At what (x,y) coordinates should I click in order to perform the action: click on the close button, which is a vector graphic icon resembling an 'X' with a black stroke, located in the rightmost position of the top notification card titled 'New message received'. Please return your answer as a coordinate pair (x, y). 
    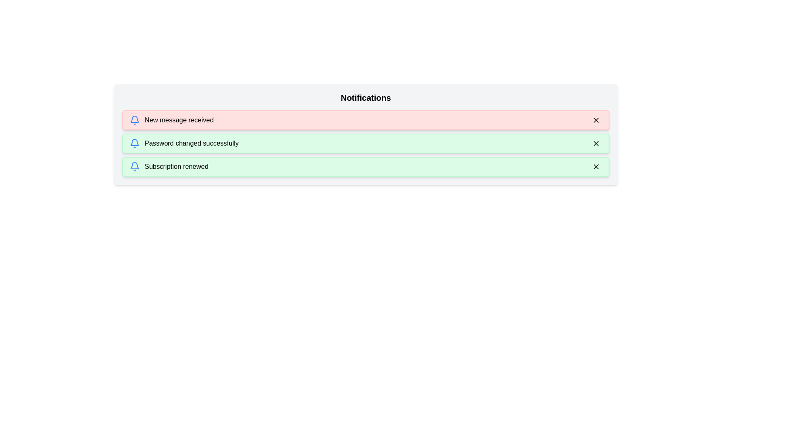
    Looking at the image, I should click on (596, 120).